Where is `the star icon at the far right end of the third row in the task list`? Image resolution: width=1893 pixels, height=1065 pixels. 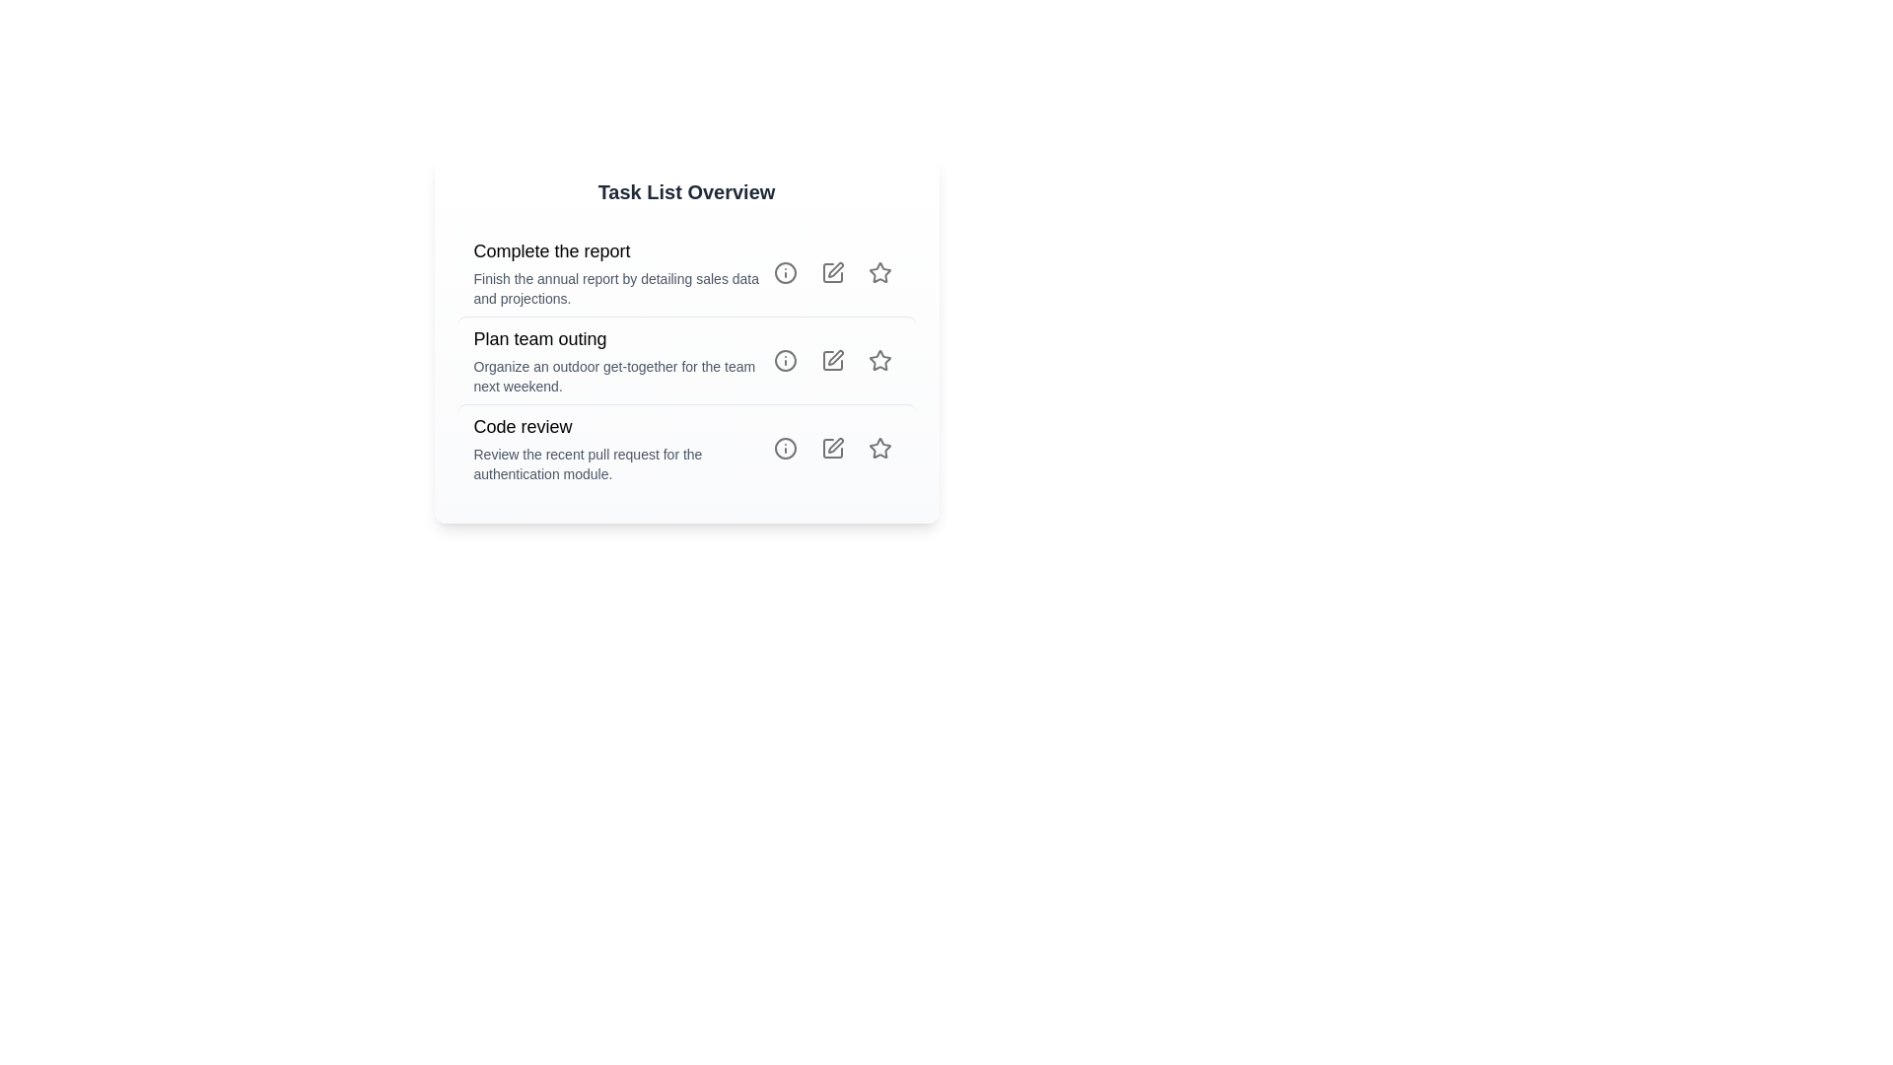 the star icon at the far right end of the third row in the task list is located at coordinates (878, 449).